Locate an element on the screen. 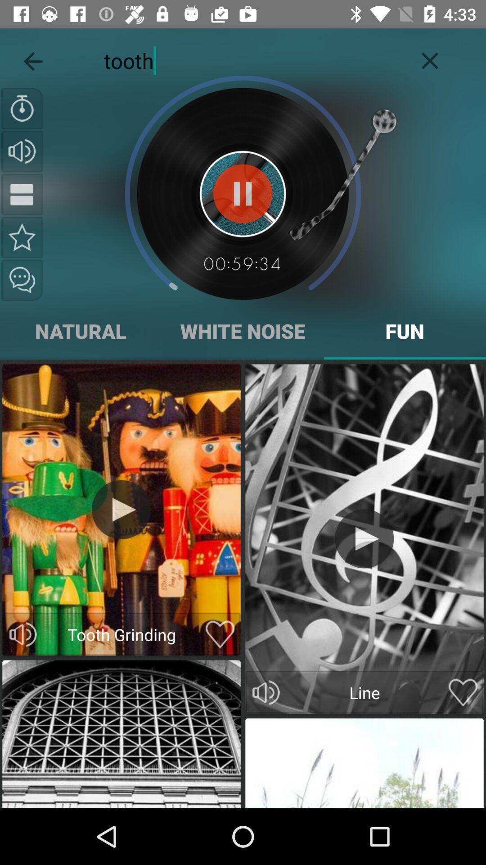  the volume icon is located at coordinates (22, 151).